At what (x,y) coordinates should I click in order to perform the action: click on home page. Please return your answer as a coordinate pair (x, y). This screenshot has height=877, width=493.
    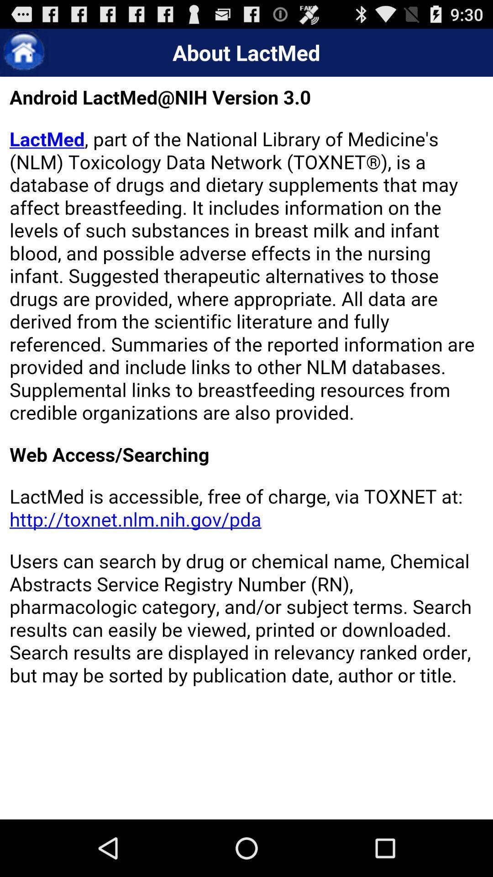
    Looking at the image, I should click on (23, 52).